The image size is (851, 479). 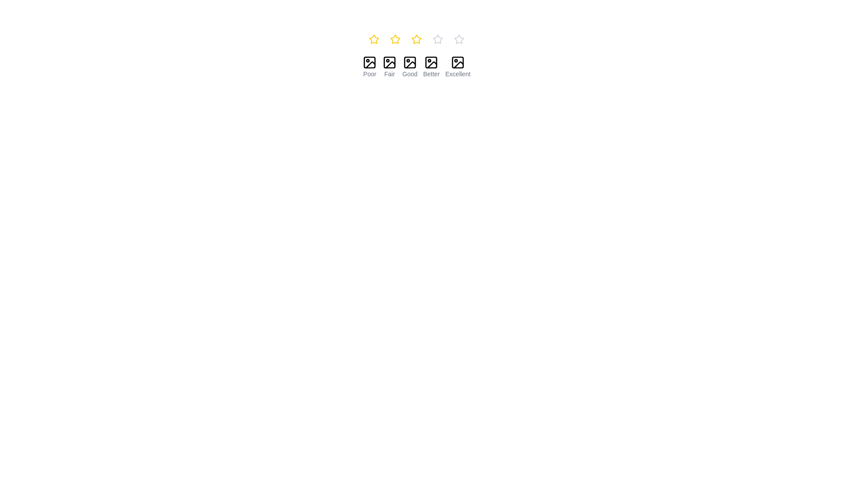 What do you see at coordinates (374, 39) in the screenshot?
I see `the second star in the rating system, which is positioned to the right of the first star and left of the third star` at bounding box center [374, 39].